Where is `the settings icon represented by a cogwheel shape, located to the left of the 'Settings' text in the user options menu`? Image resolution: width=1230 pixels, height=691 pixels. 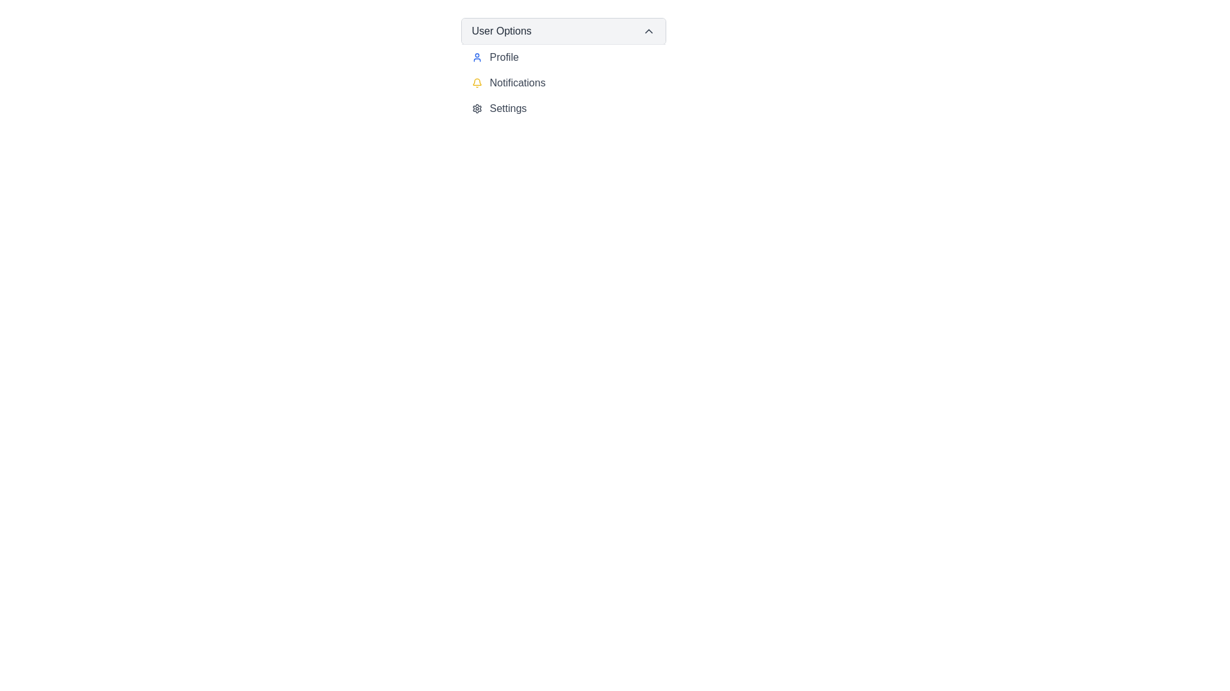 the settings icon represented by a cogwheel shape, located to the left of the 'Settings' text in the user options menu is located at coordinates (476, 107).